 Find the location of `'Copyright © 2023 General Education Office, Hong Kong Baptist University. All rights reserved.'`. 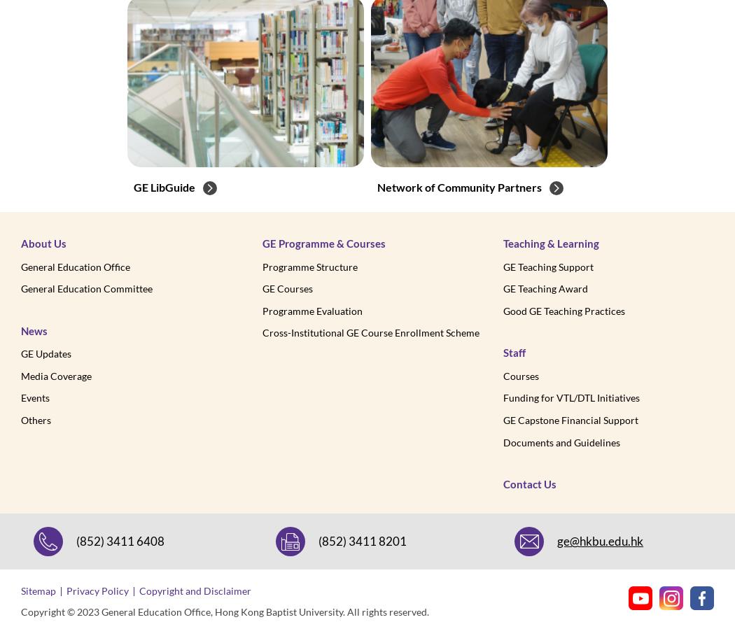

'Copyright © 2023 General Education Office, Hong Kong Baptist University. All rights reserved.' is located at coordinates (21, 611).